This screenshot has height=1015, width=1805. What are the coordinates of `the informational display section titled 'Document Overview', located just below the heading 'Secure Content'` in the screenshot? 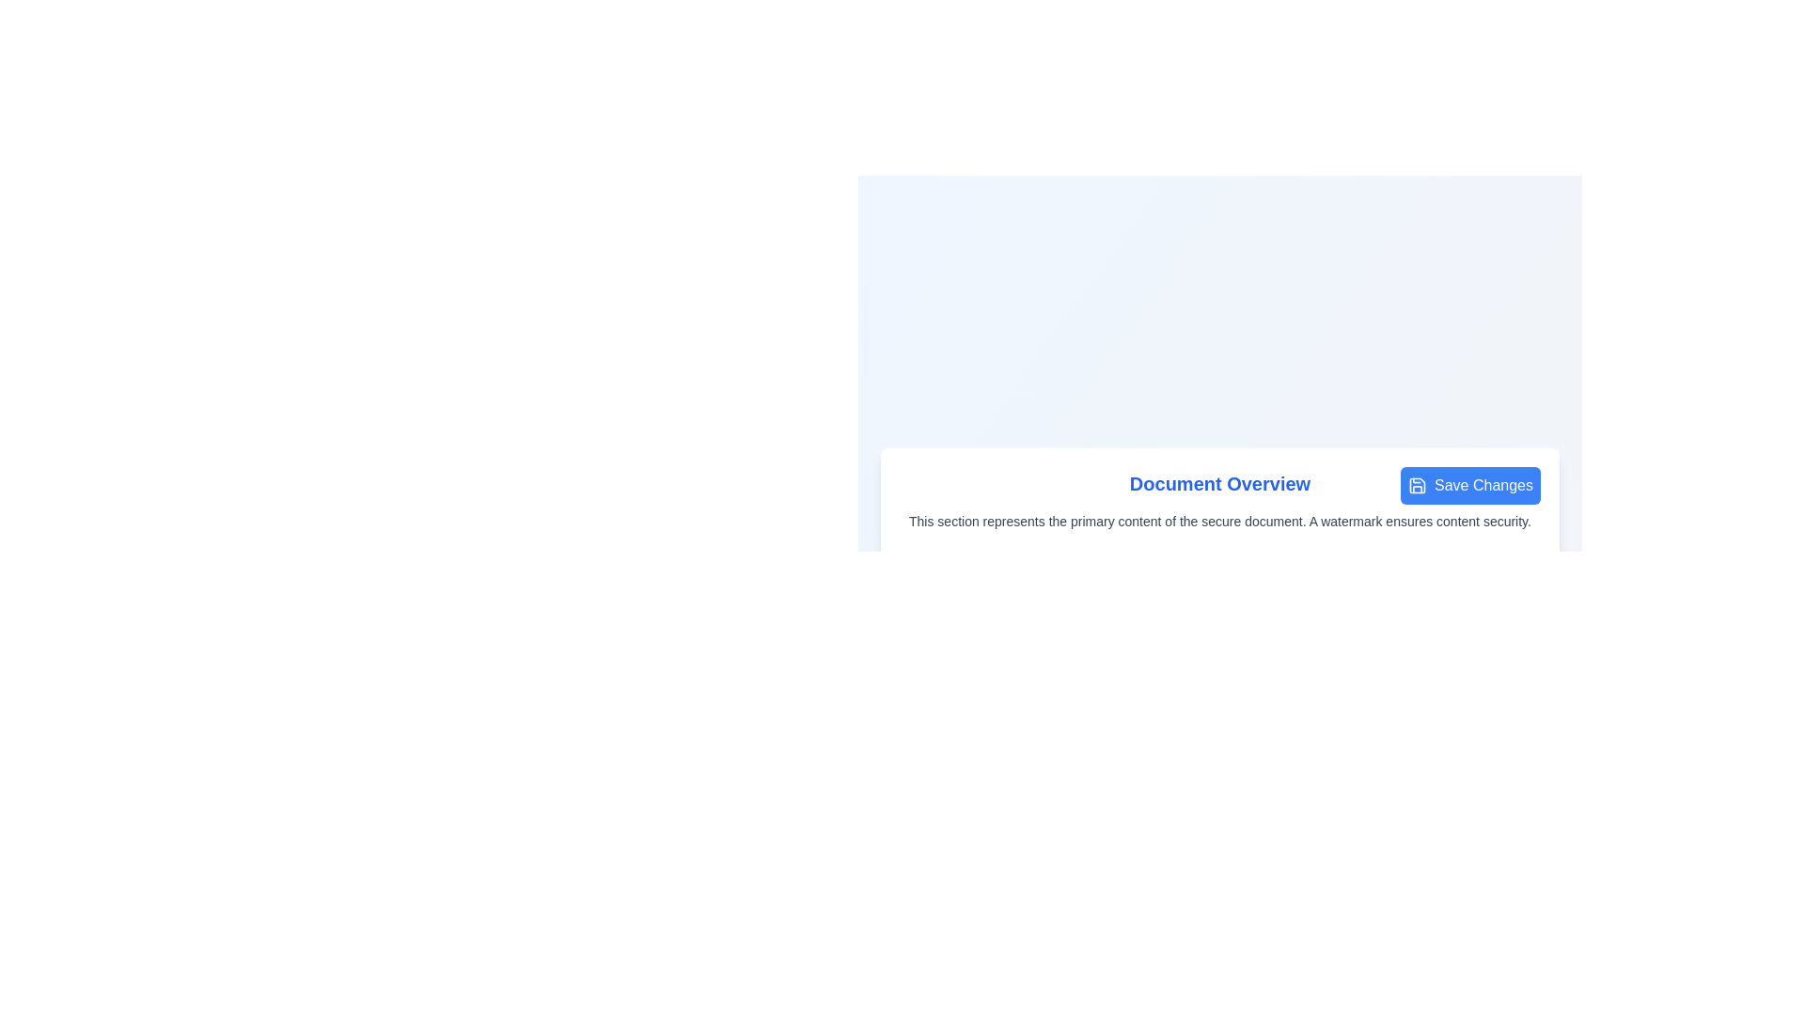 It's located at (1219, 499).